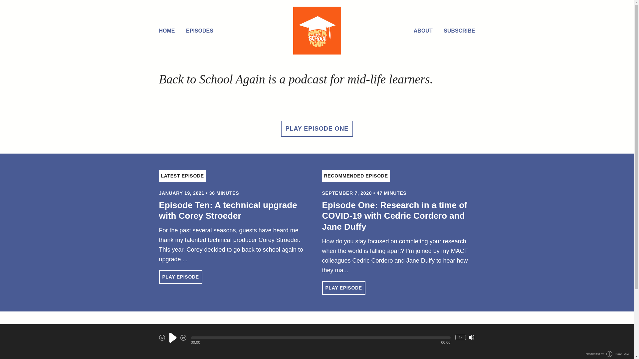 Image resolution: width=639 pixels, height=359 pixels. What do you see at coordinates (607, 353) in the screenshot?
I see `'BROADCAST BY TRANSISTOR LOGO'` at bounding box center [607, 353].